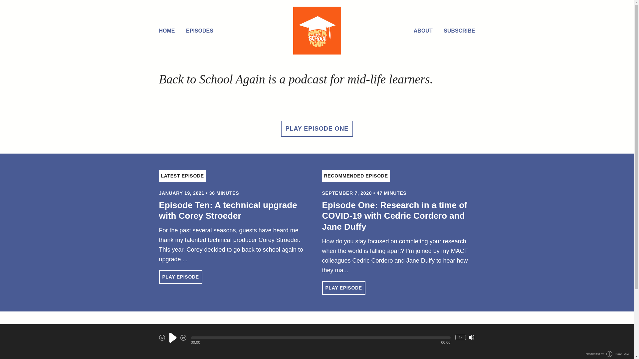 Image resolution: width=639 pixels, height=359 pixels. What do you see at coordinates (607, 353) in the screenshot?
I see `'BROADCAST BY TRANSISTOR LOGO'` at bounding box center [607, 353].